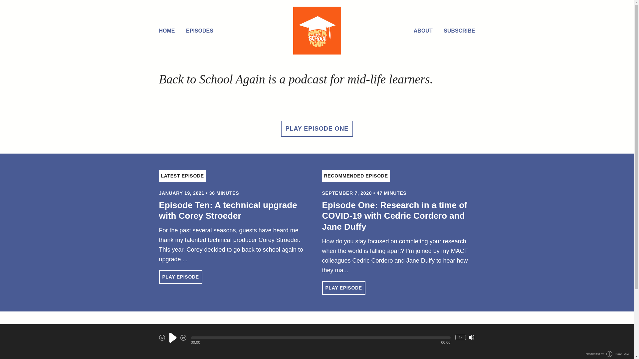 Image resolution: width=639 pixels, height=359 pixels. What do you see at coordinates (607, 353) in the screenshot?
I see `'BROADCAST BY TRANSISTOR LOGO'` at bounding box center [607, 353].